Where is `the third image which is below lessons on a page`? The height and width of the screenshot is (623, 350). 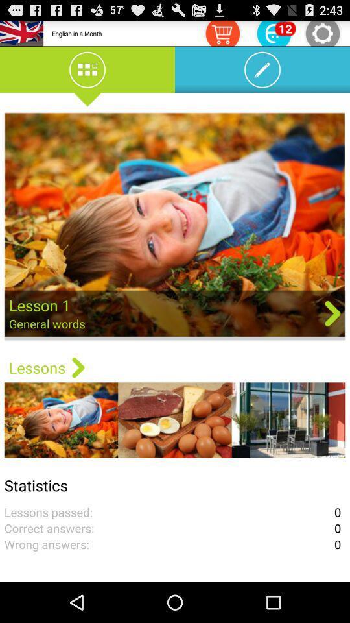 the third image which is below lessons on a page is located at coordinates (288, 419).